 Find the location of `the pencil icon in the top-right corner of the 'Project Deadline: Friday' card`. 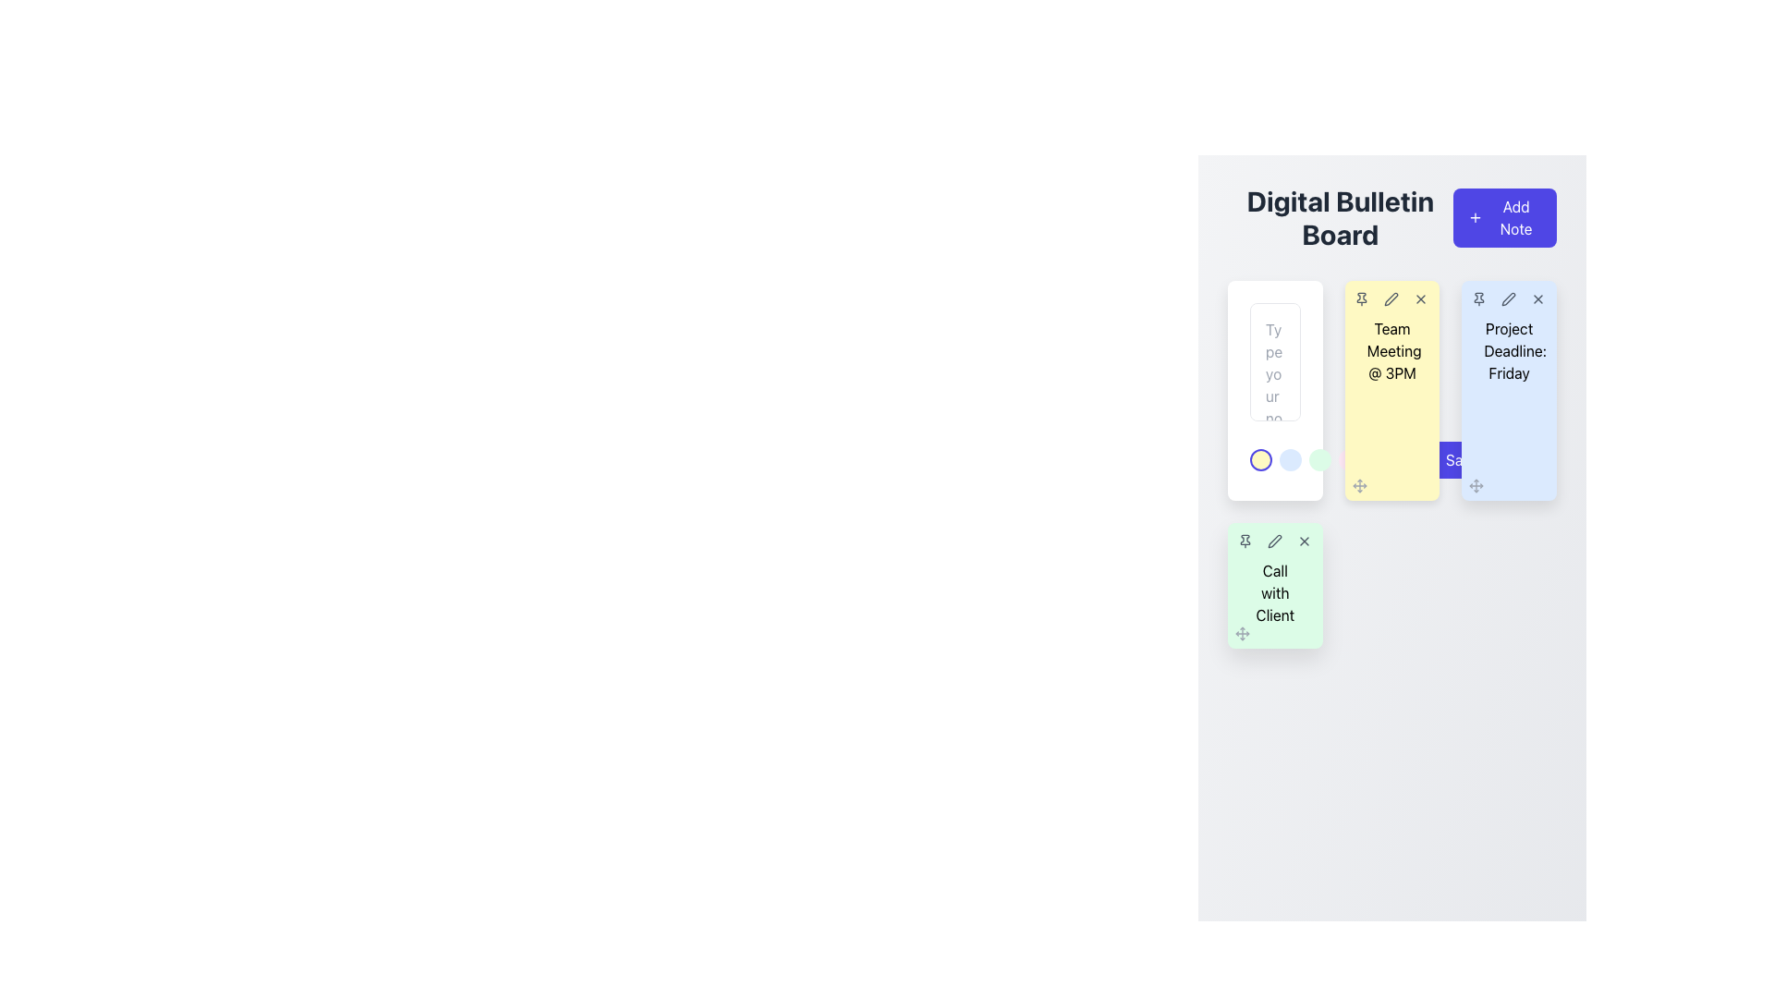

the pencil icon in the top-right corner of the 'Project Deadline: Friday' card is located at coordinates (1508, 298).